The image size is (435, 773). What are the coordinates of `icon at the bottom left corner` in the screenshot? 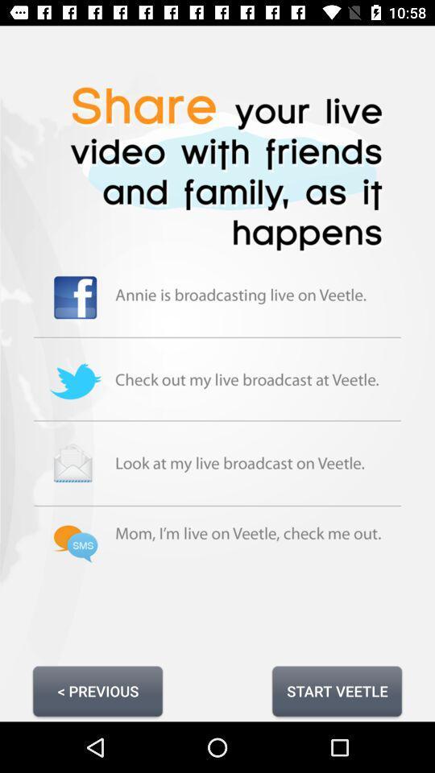 It's located at (97, 690).